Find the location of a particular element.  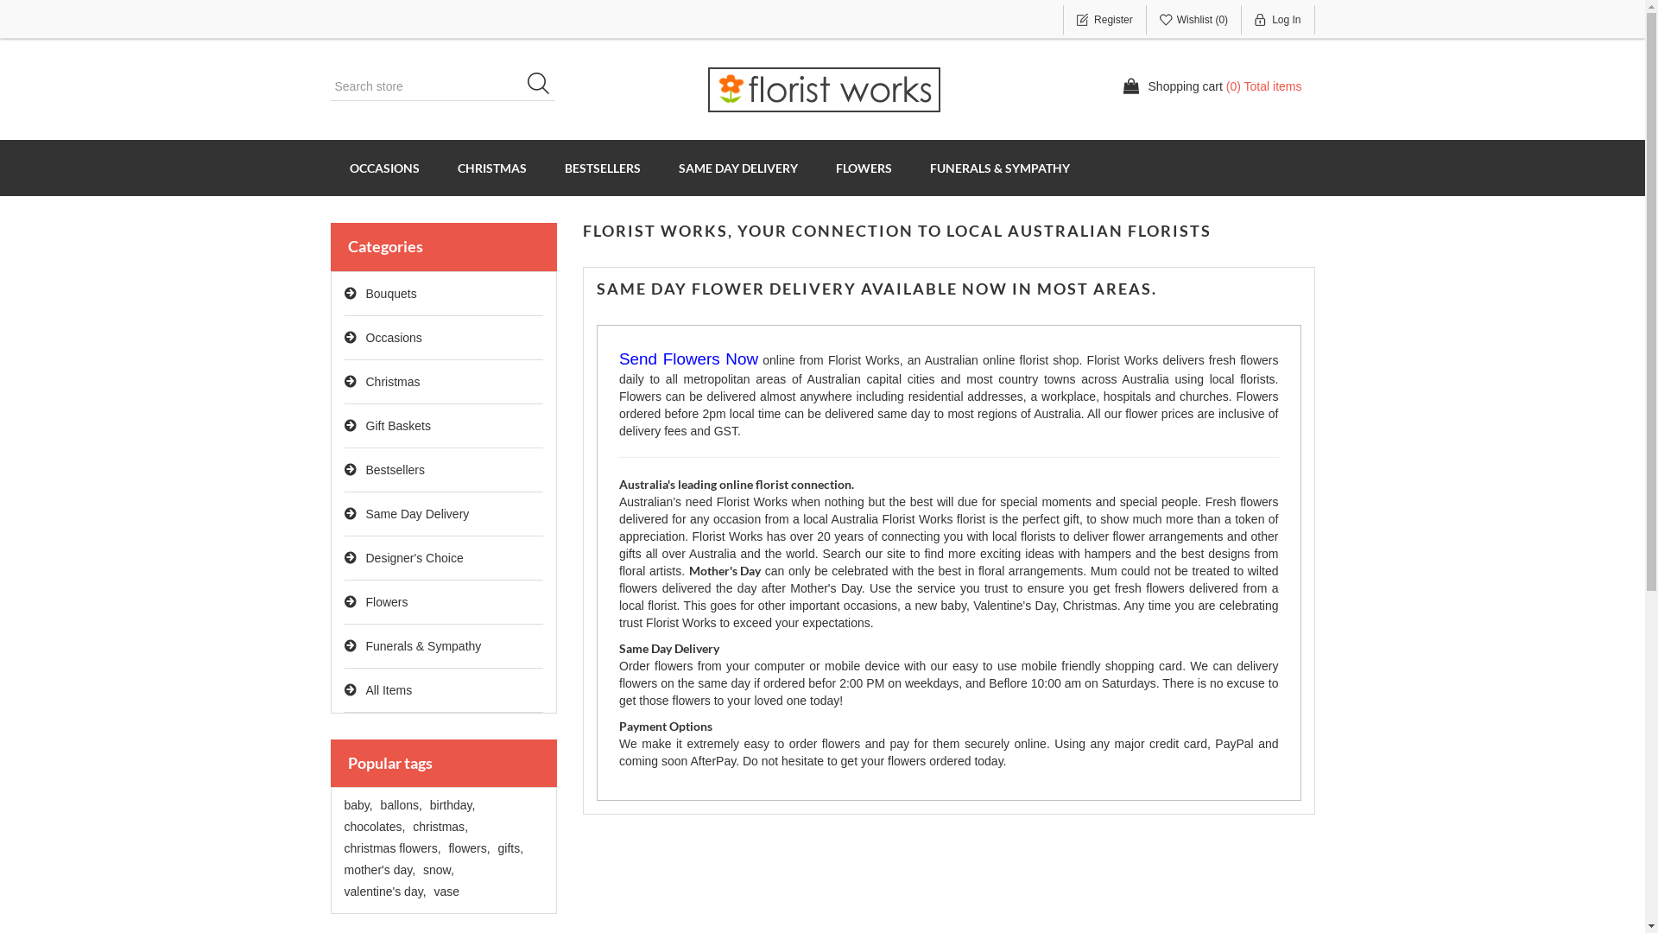

'FLOWERS' is located at coordinates (864, 168).